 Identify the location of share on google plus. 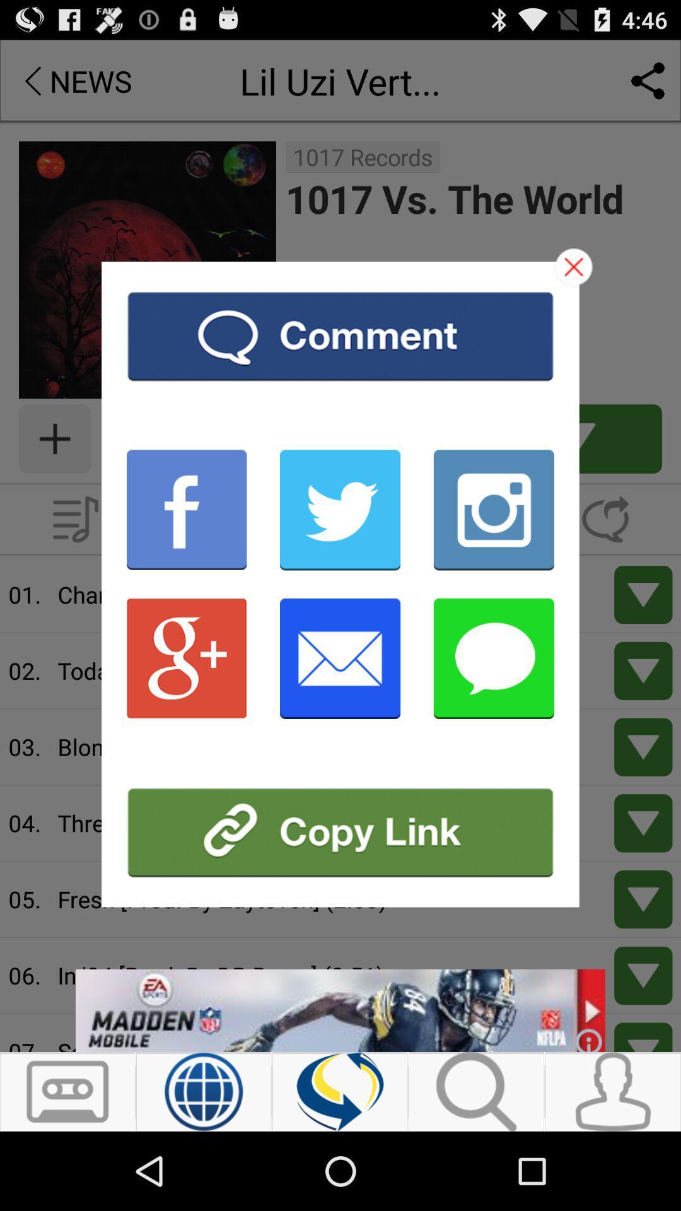
(187, 657).